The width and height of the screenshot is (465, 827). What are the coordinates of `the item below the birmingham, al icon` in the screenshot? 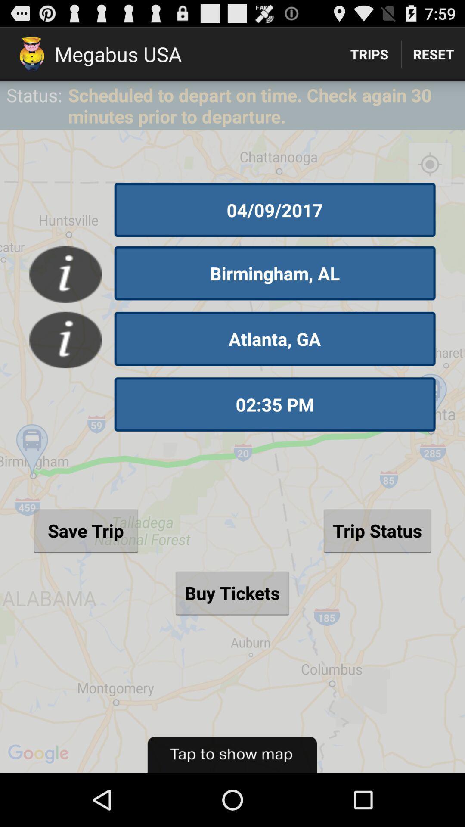 It's located at (275, 338).